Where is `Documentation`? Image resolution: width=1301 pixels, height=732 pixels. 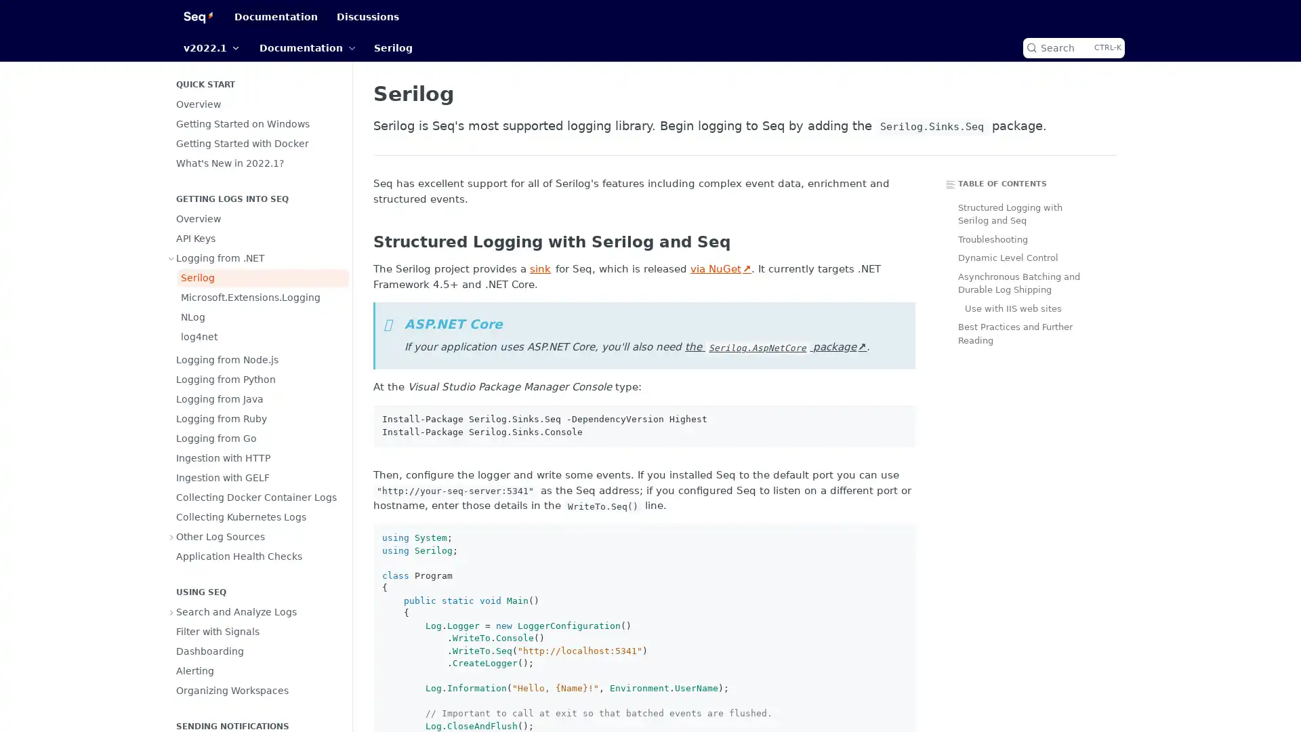
Documentation is located at coordinates (306, 47).